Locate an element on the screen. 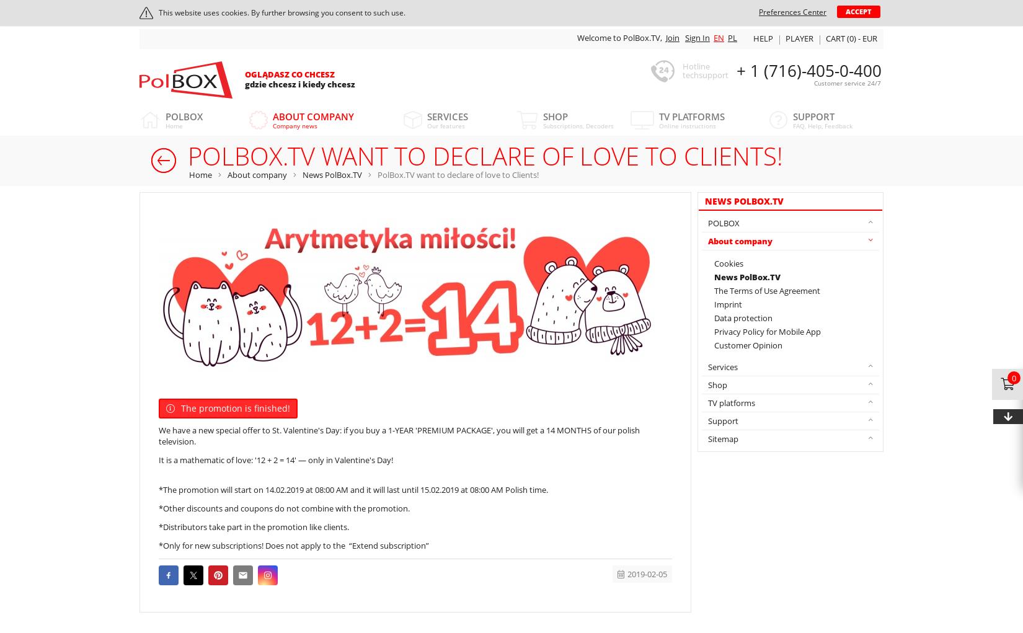 The height and width of the screenshot is (633, 1023). 'FAQ, Help, Feedback' is located at coordinates (821, 125).